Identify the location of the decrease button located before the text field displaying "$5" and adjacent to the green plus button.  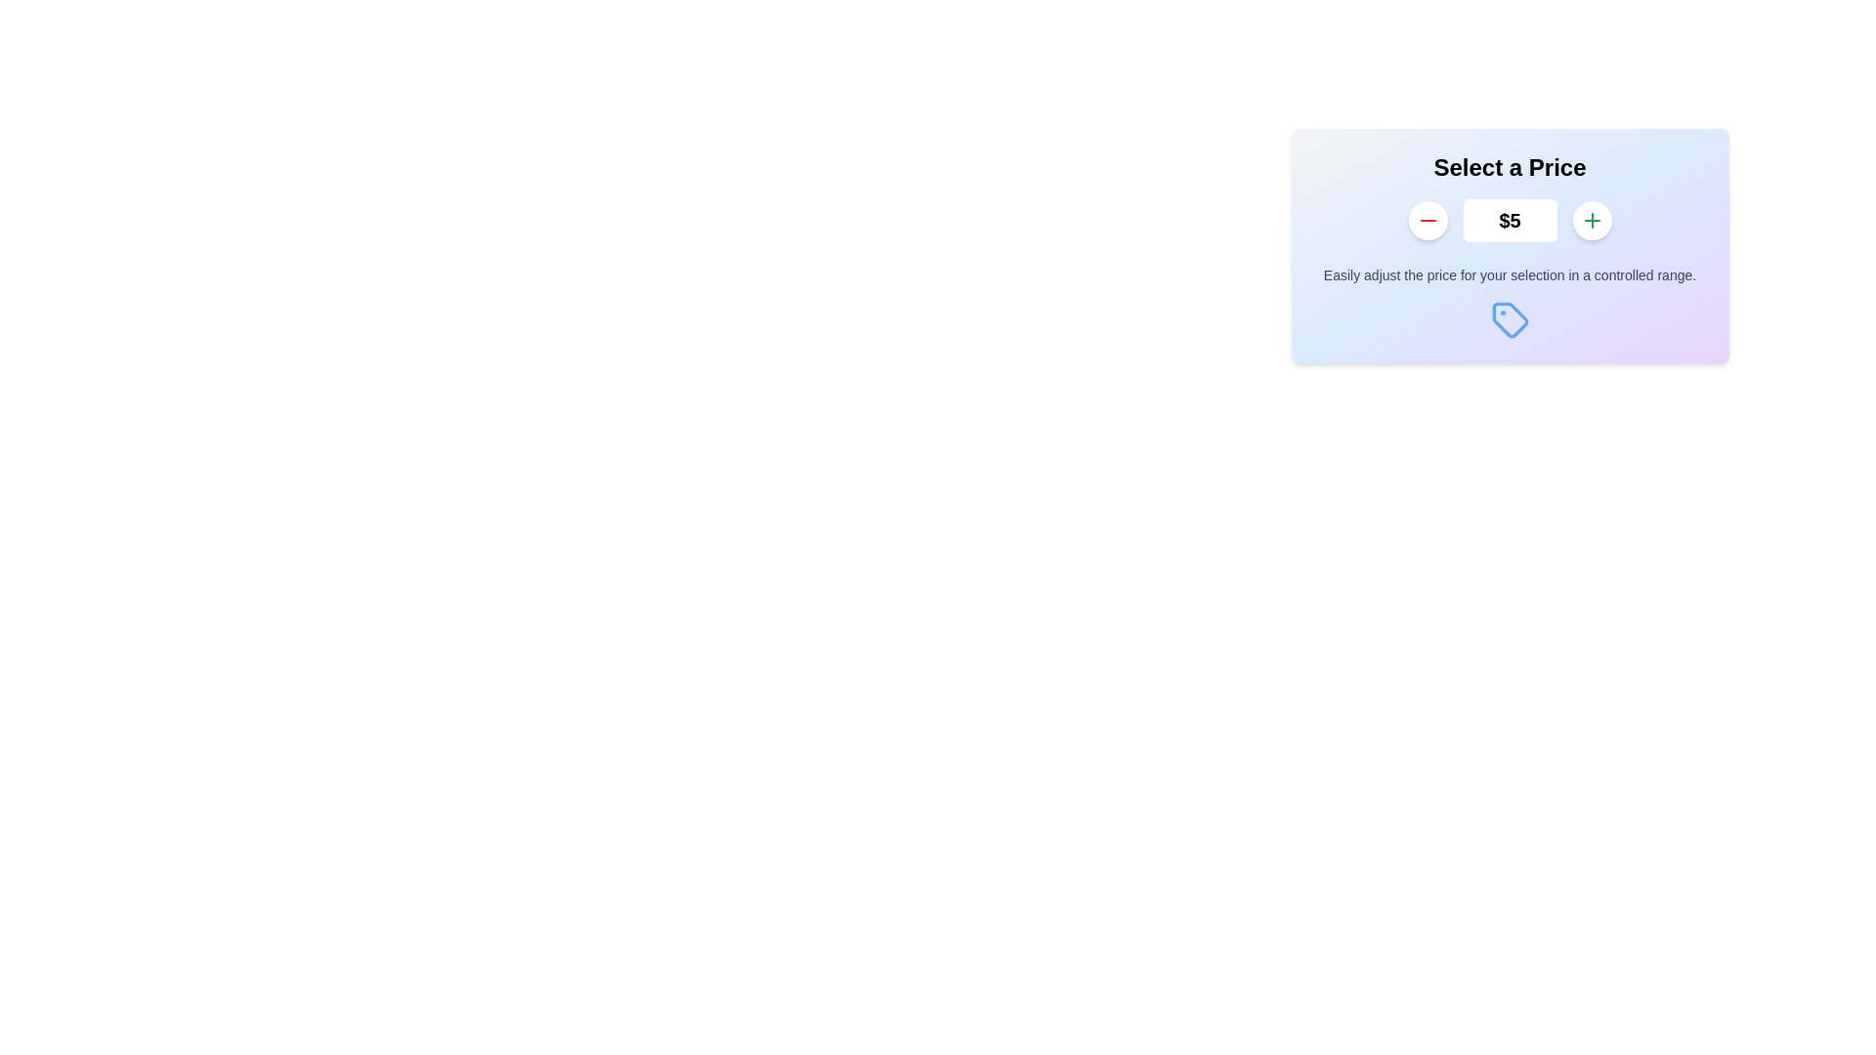
(1428, 220).